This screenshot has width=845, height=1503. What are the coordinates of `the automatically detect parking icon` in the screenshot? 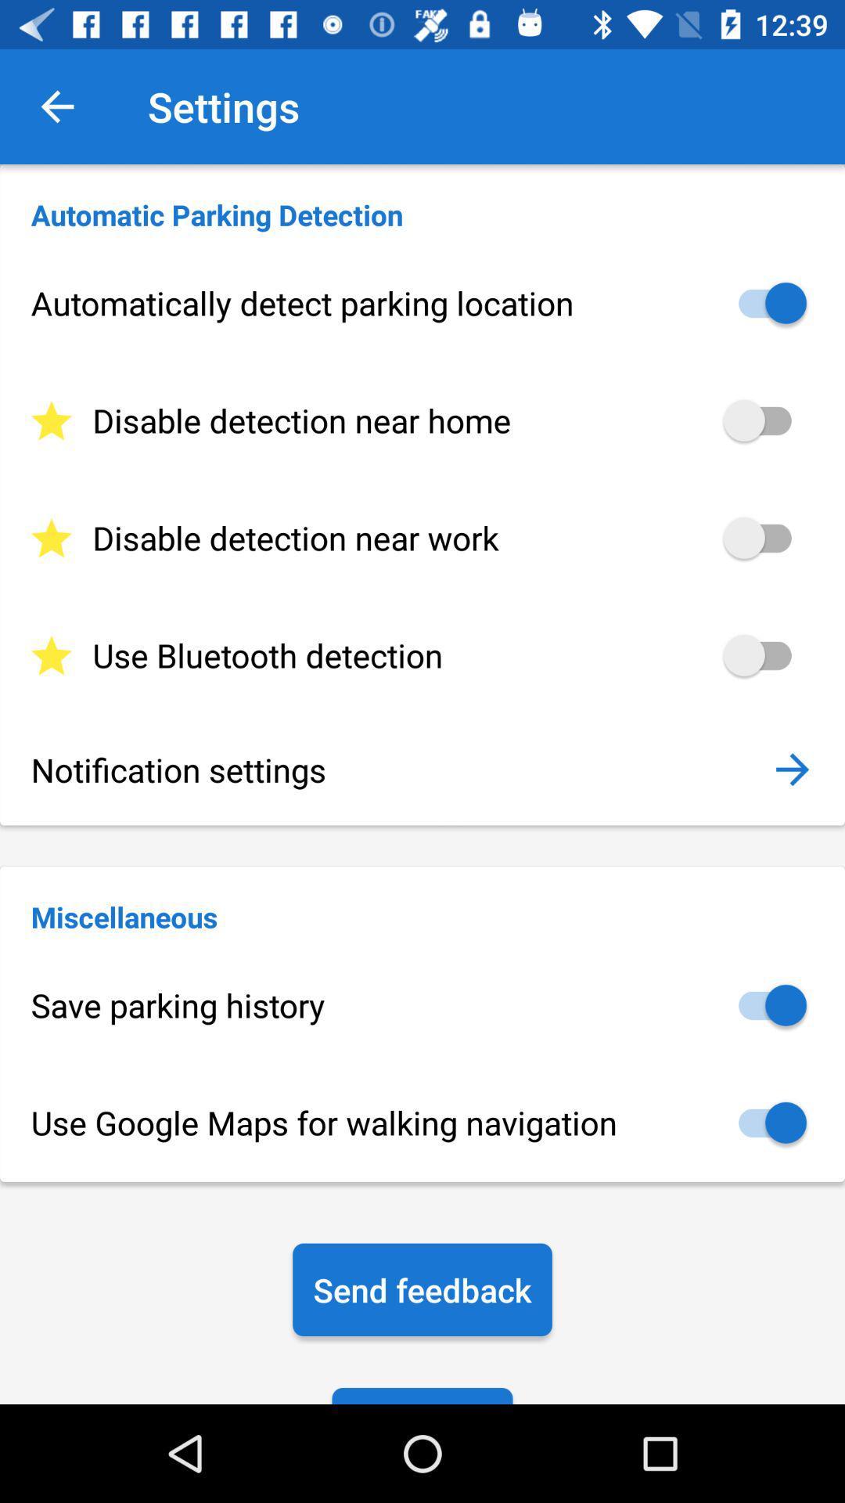 It's located at (422, 303).